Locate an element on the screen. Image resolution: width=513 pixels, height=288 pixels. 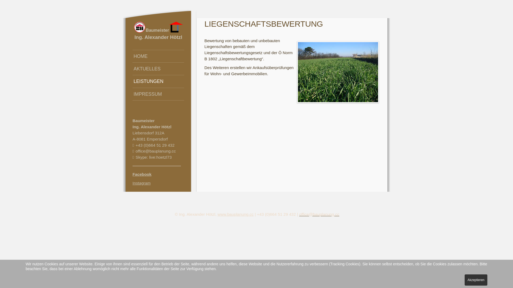
'AKTUELLES' is located at coordinates (158, 68).